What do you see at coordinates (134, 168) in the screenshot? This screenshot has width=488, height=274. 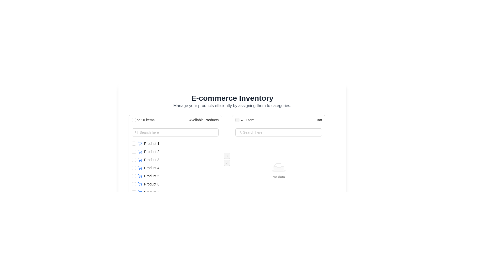 I see `the checkbox for 'Product 4'` at bounding box center [134, 168].